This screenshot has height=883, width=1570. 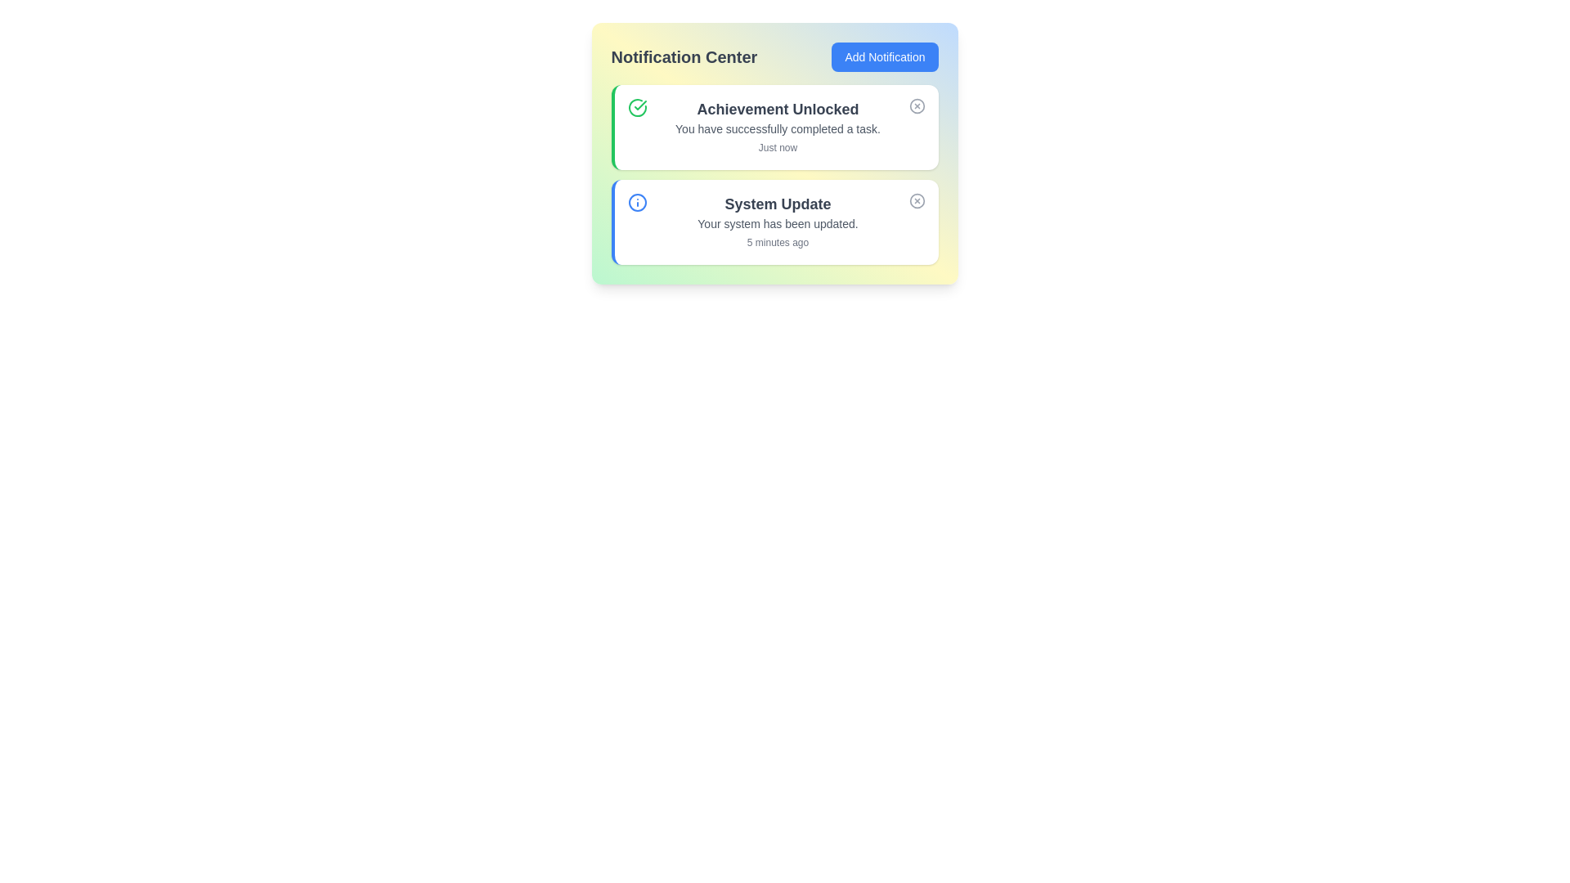 What do you see at coordinates (639, 105) in the screenshot?
I see `the green checkmark icon in the first notification card that indicates a completed action, located adjacent to the 'Achievement Unlocked' title` at bounding box center [639, 105].